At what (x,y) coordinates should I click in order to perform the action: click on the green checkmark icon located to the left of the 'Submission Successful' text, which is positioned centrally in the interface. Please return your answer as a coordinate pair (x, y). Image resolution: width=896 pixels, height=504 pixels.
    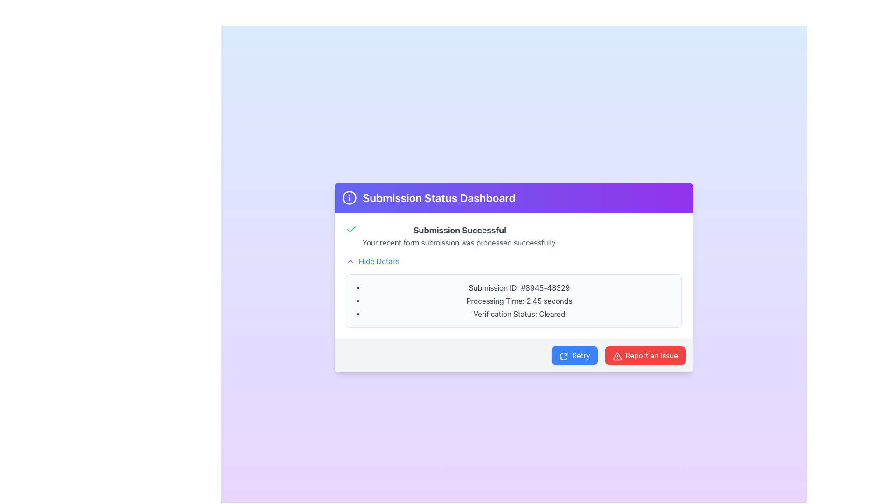
    Looking at the image, I should click on (351, 230).